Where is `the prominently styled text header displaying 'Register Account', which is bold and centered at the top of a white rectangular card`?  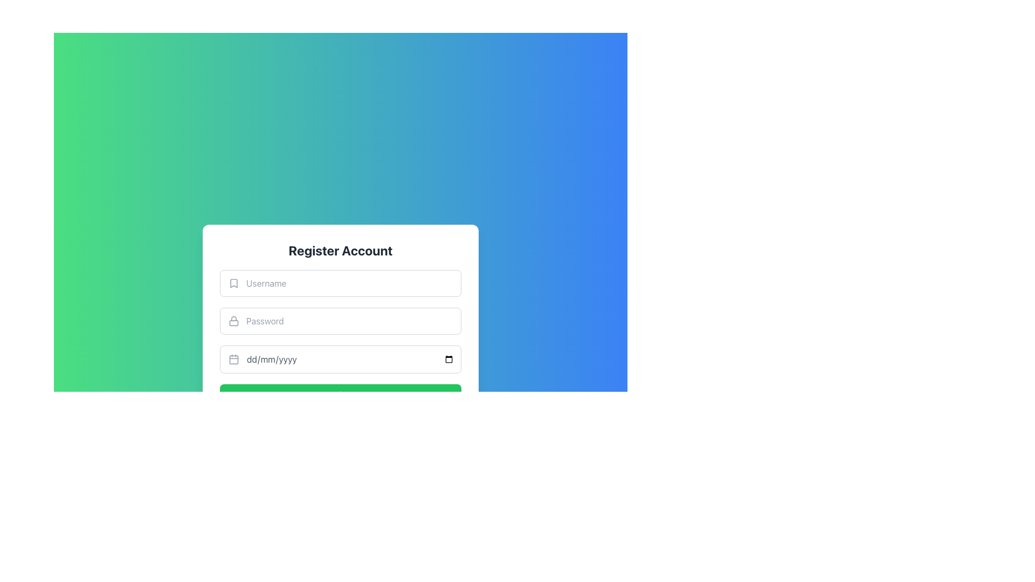
the prominently styled text header displaying 'Register Account', which is bold and centered at the top of a white rectangular card is located at coordinates (340, 251).